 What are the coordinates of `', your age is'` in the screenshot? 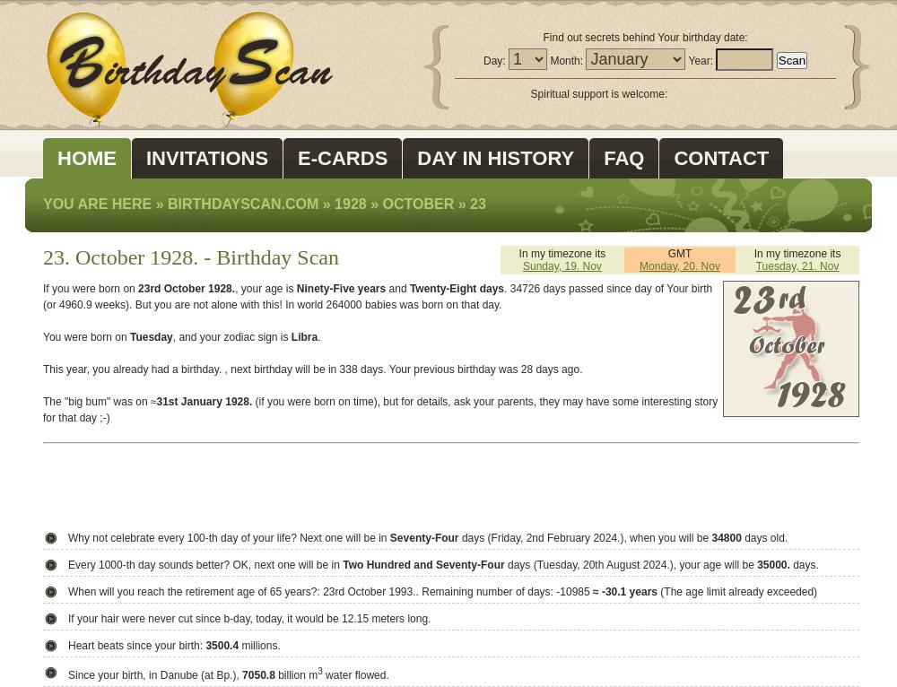 It's located at (266, 288).